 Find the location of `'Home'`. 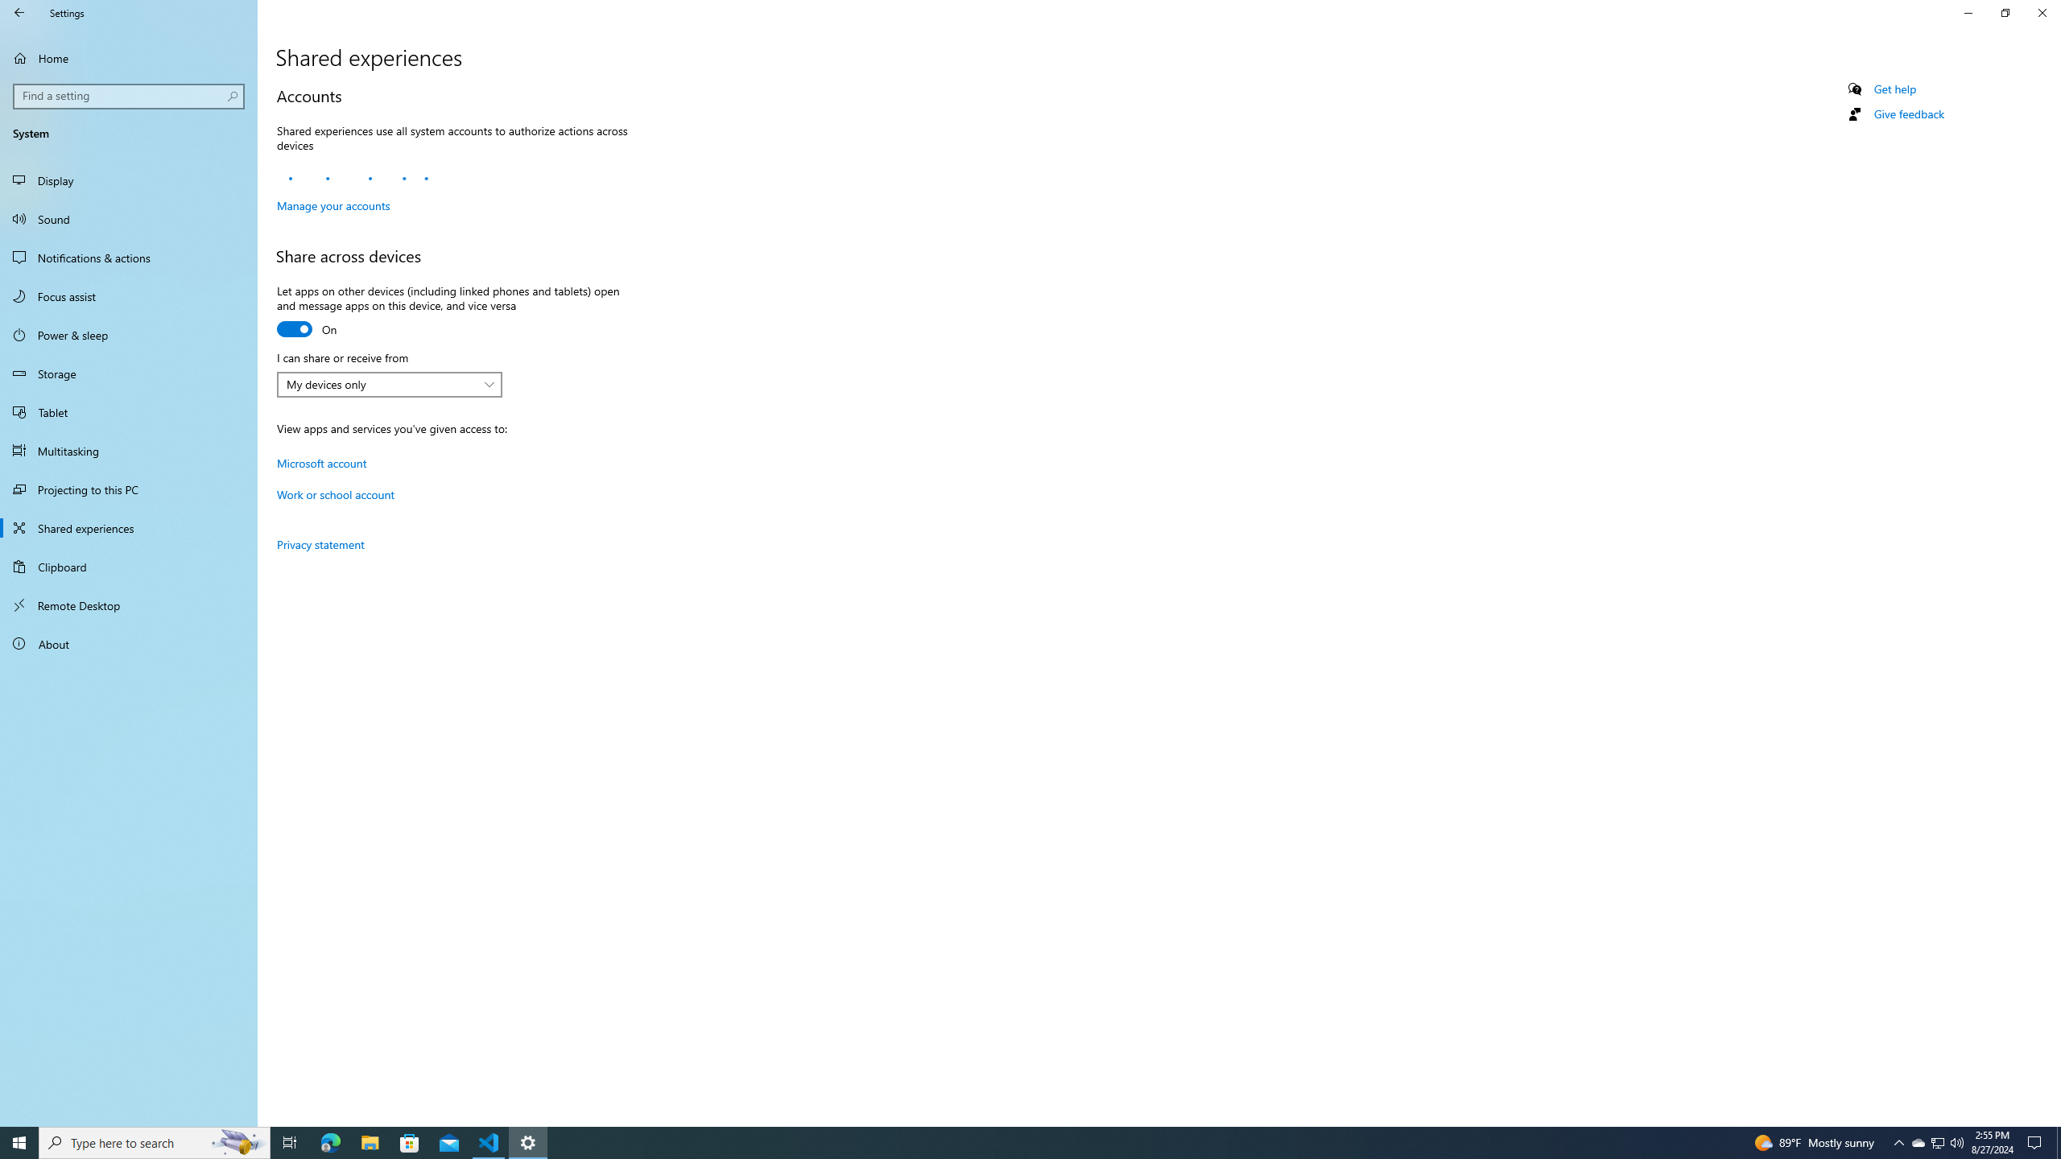

'Home' is located at coordinates (128, 58).